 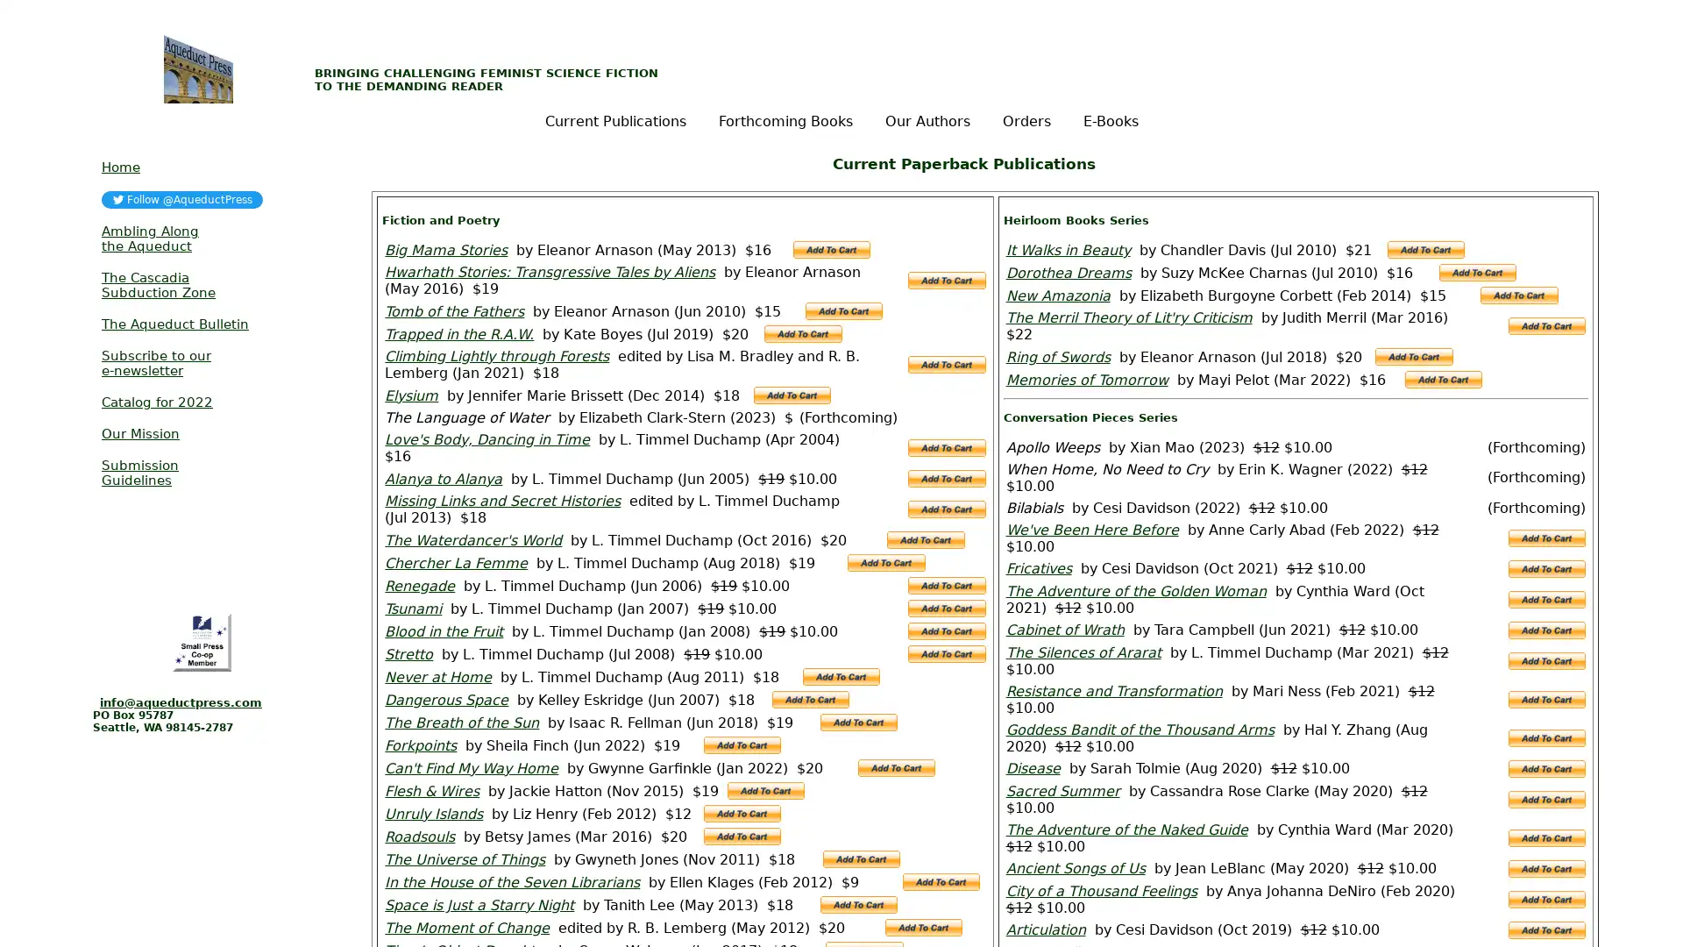 What do you see at coordinates (946, 364) in the screenshot?
I see `Make payments with PayPal - it\'s fast, free and secure!` at bounding box center [946, 364].